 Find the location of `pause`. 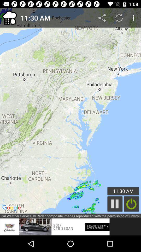

pause is located at coordinates (115, 204).